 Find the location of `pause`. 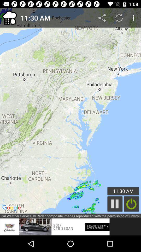

pause is located at coordinates (115, 204).